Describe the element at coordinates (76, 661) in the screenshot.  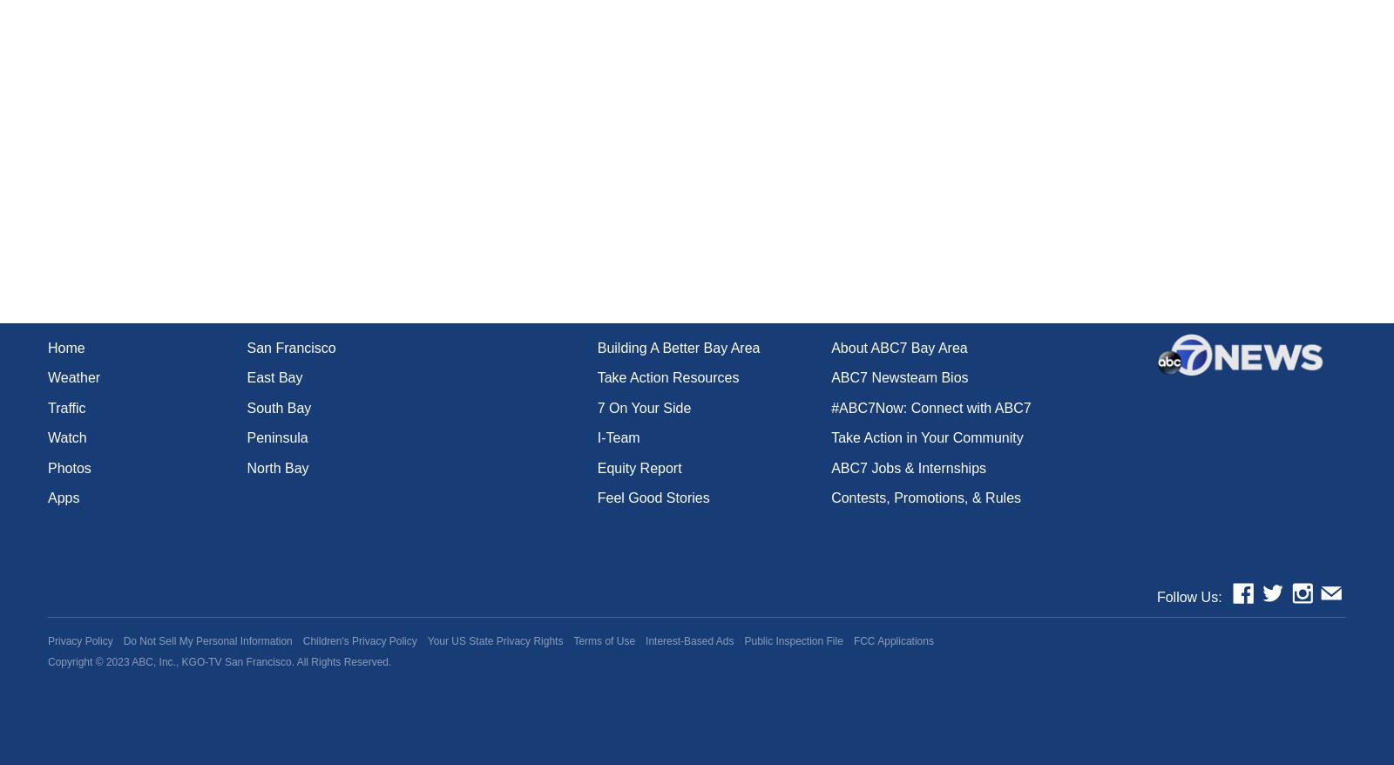
I see `'Copyright ©'` at that location.